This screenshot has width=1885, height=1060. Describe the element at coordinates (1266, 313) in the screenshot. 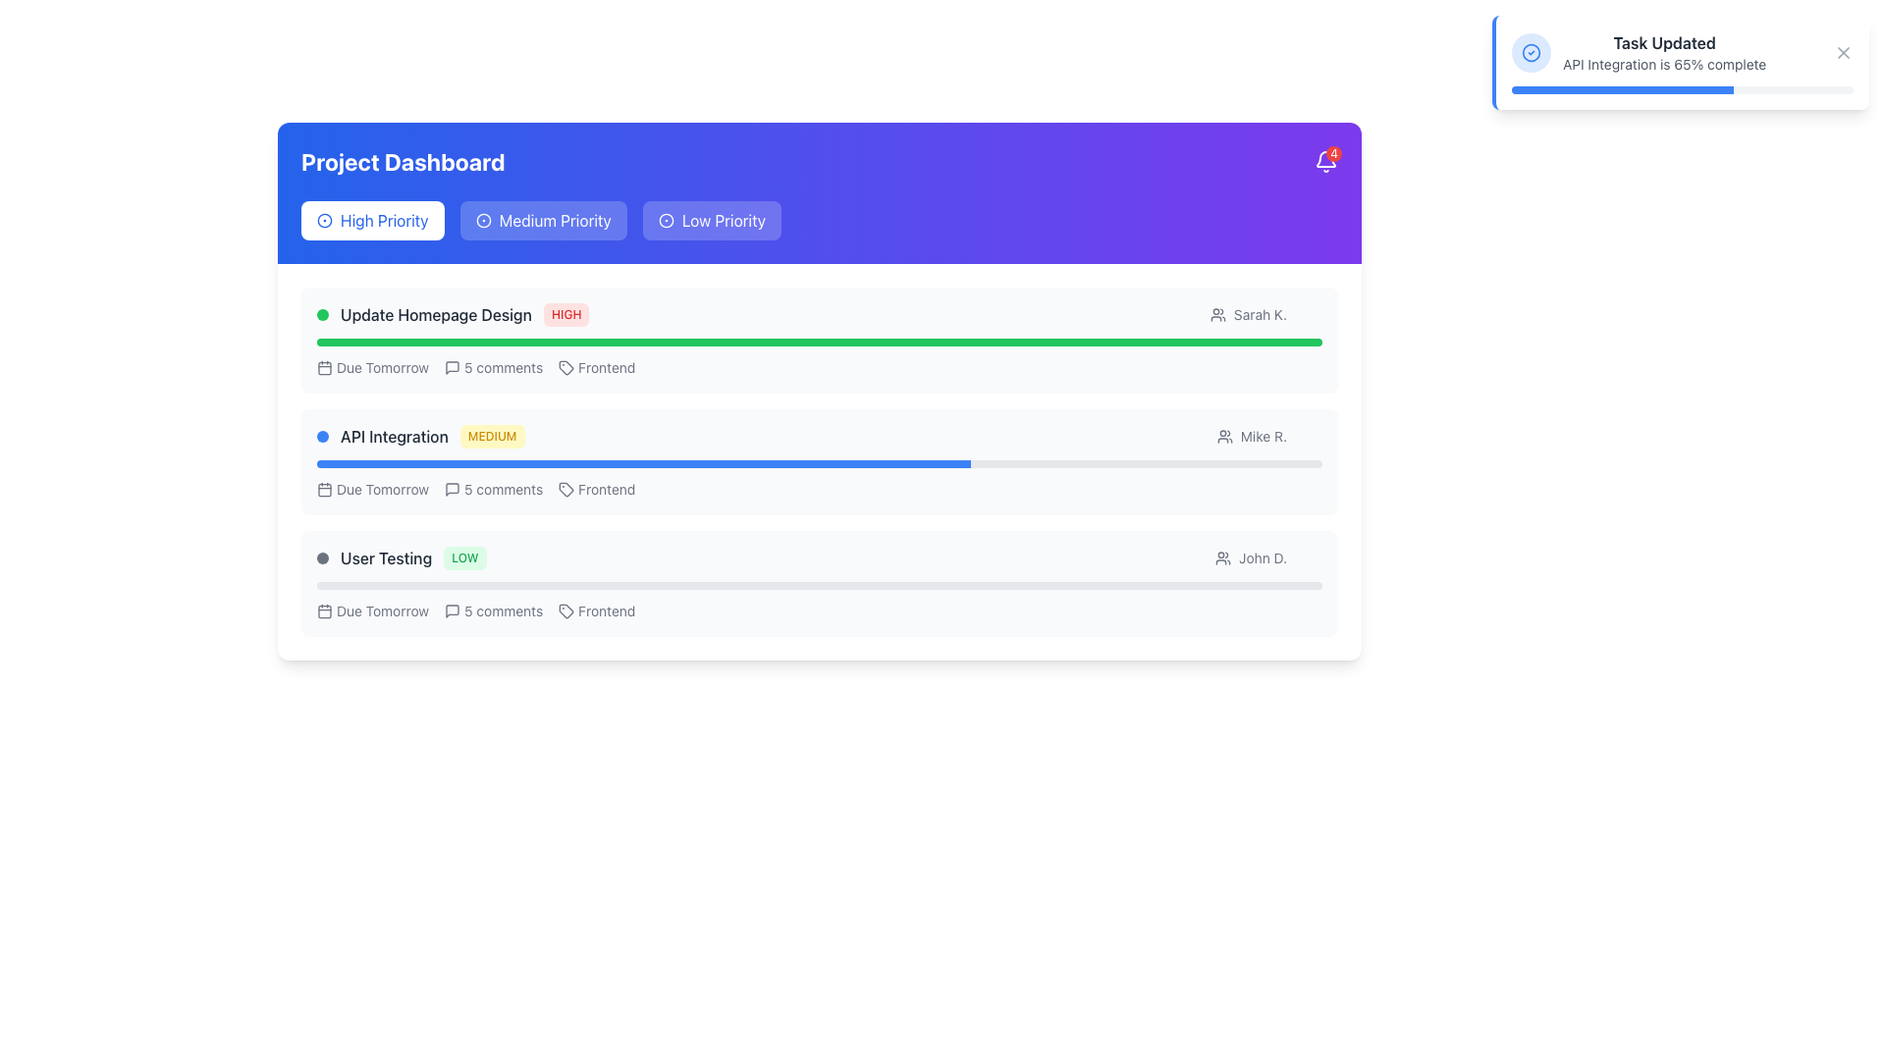

I see `the user icon associated with 'Sarah K.' in the top-right section of the 'Update Homepage Design' row in the 'Project Dashboard'` at that location.